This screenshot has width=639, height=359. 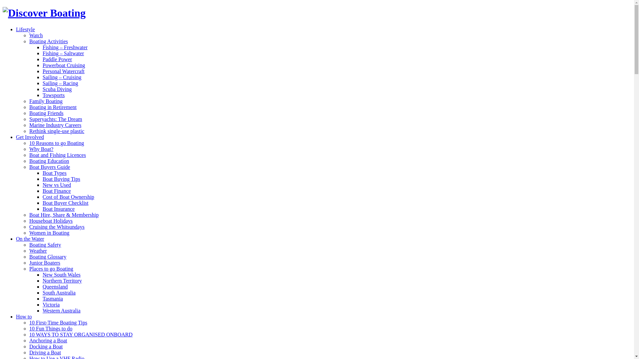 I want to click on 'Tasmania', so click(x=52, y=298).